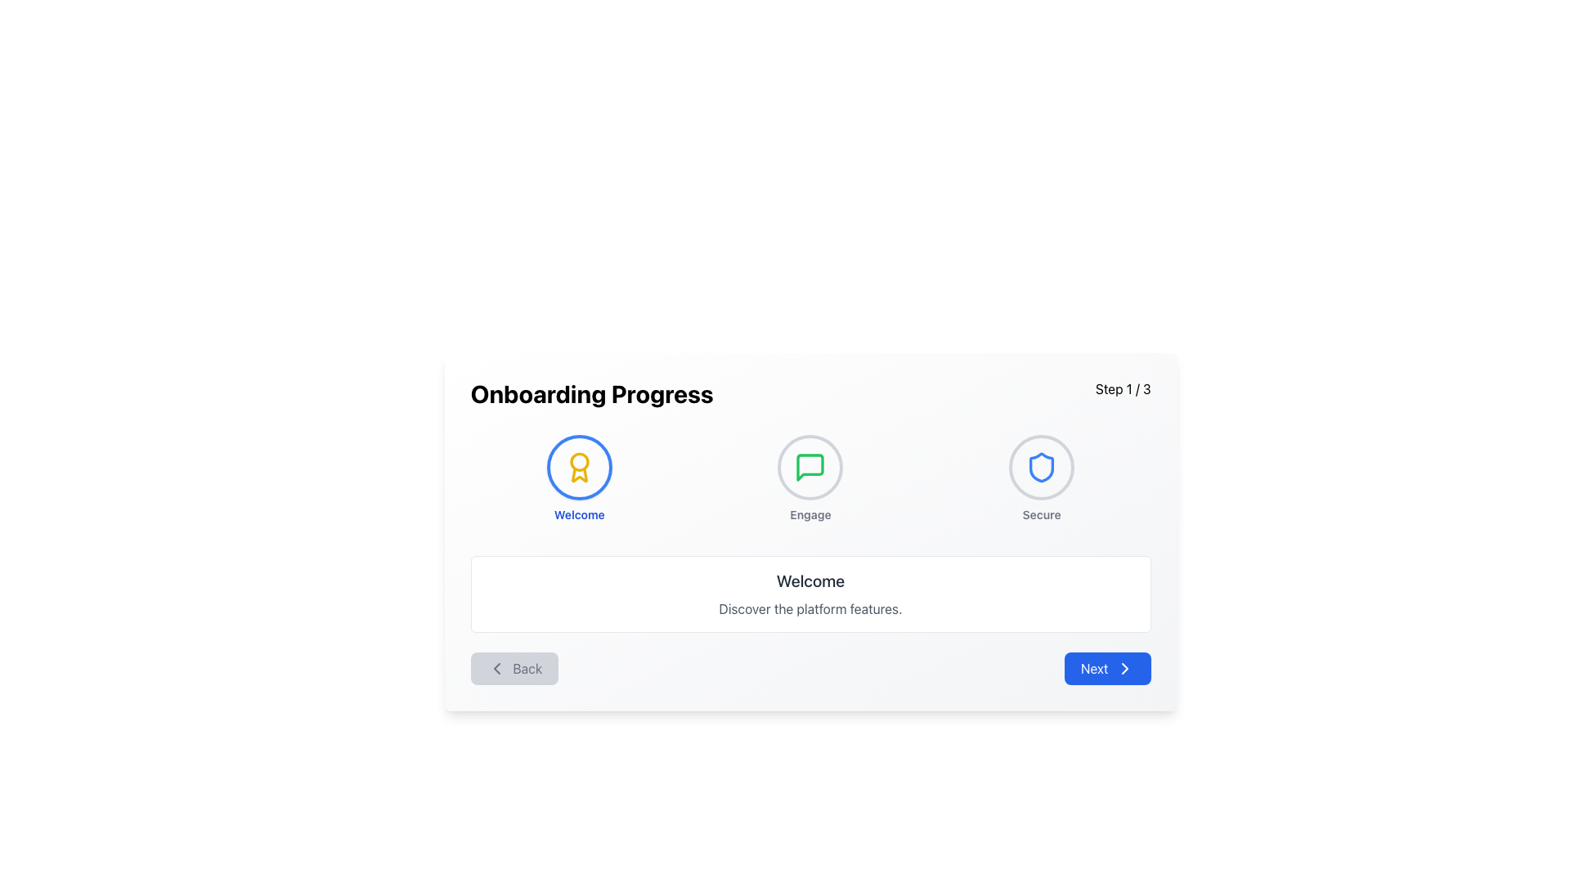 The width and height of the screenshot is (1570, 883). What do you see at coordinates (579, 467) in the screenshot?
I see `the 'Welcome' icon, which is the first icon in a row of three` at bounding box center [579, 467].